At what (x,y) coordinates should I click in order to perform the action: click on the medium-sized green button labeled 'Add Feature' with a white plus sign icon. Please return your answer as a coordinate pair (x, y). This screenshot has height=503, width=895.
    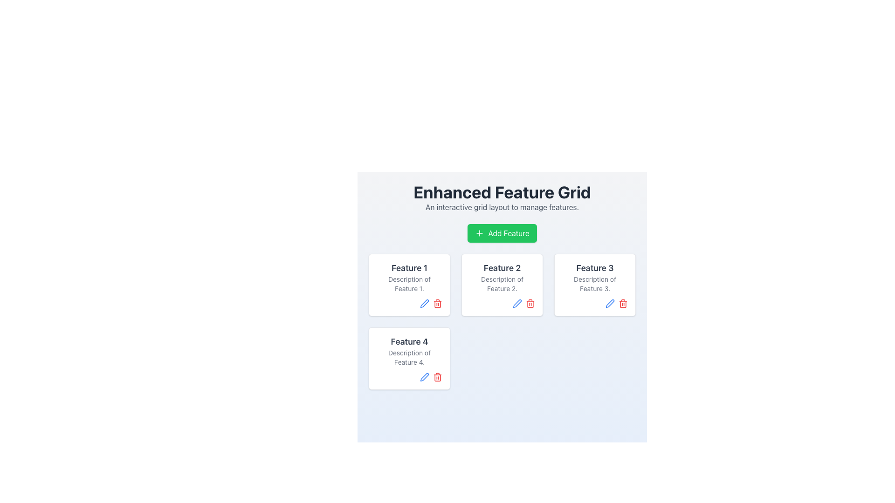
    Looking at the image, I should click on (502, 233).